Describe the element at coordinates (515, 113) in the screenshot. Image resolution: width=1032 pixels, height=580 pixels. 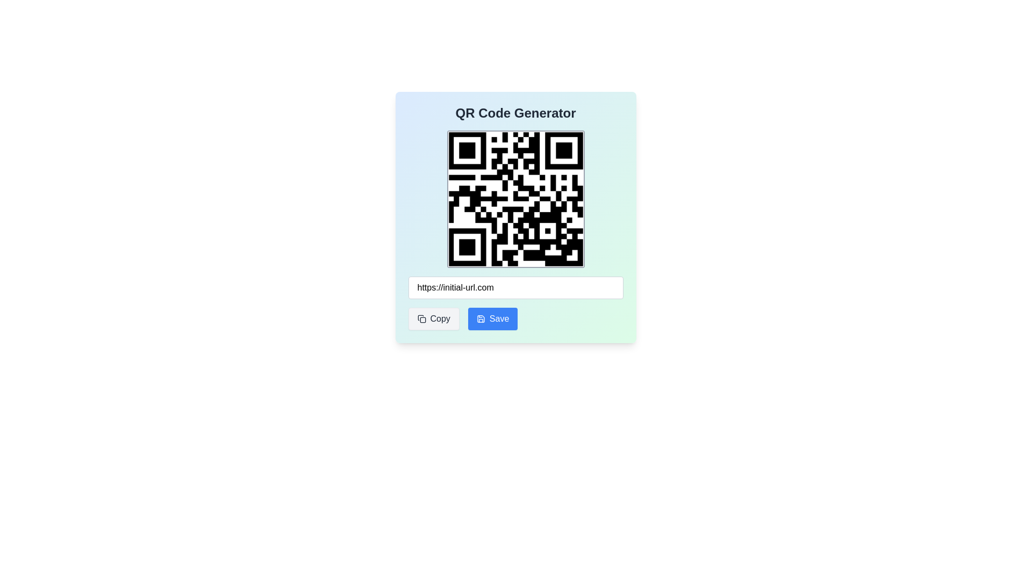
I see `the static text label indicating 'QR Code generation', which serves as the main title of the application, located at the top of the interface` at that location.